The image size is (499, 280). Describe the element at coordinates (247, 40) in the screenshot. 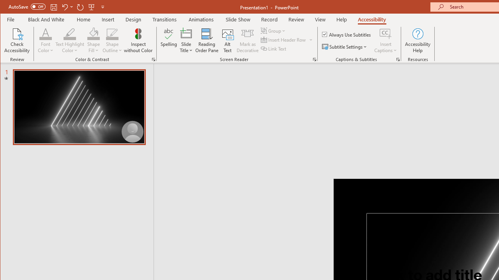

I see `'Mark as Decorative'` at that location.